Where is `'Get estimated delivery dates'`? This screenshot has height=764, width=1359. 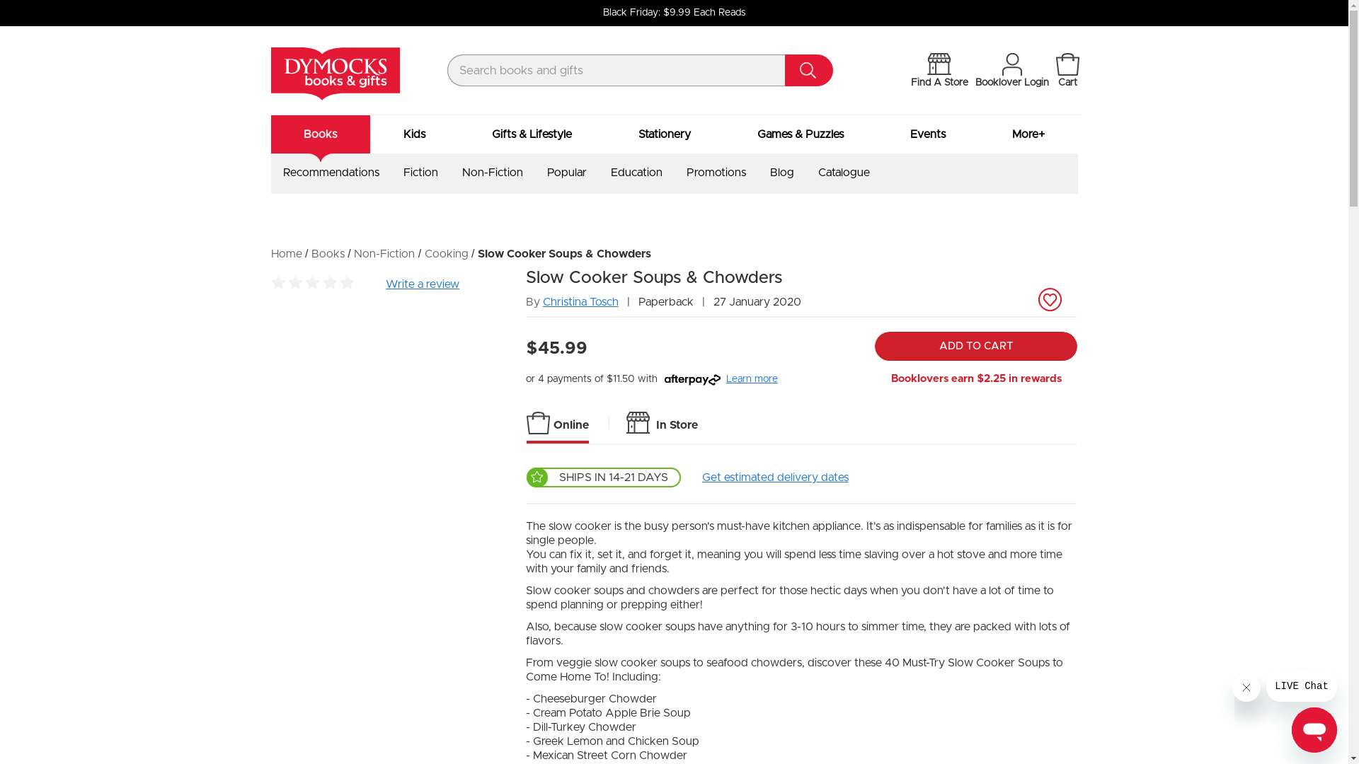
'Get estimated delivery dates' is located at coordinates (702, 477).